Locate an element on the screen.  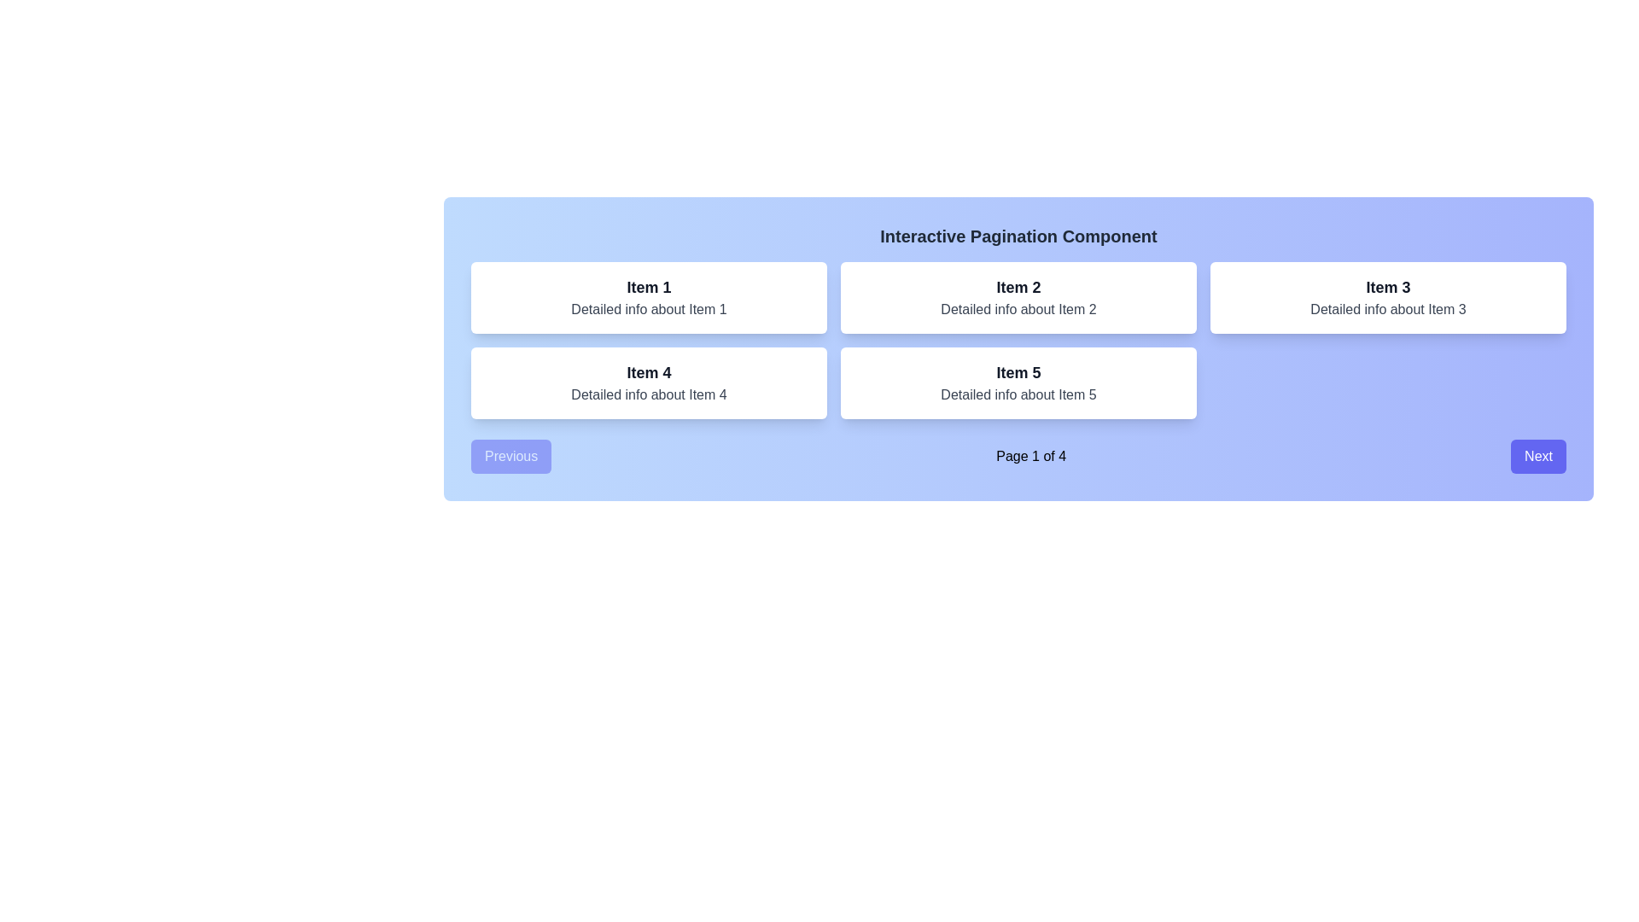
detailed text labeled 'Detailed info about Item 2', which is styled in gray font color and is positioned below the bolded text 'Item 2' within a card-like structure is located at coordinates (1018, 309).